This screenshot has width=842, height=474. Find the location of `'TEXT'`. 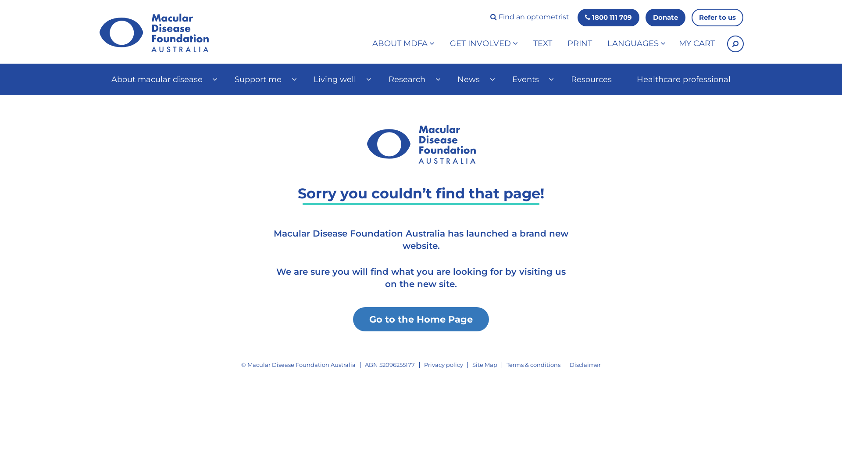

'TEXT' is located at coordinates (542, 44).